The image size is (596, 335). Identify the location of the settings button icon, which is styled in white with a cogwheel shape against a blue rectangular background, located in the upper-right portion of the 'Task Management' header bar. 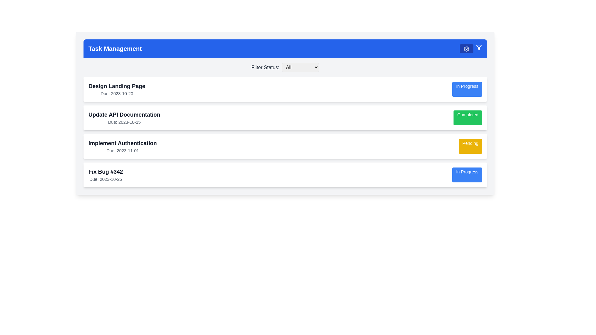
(471, 48).